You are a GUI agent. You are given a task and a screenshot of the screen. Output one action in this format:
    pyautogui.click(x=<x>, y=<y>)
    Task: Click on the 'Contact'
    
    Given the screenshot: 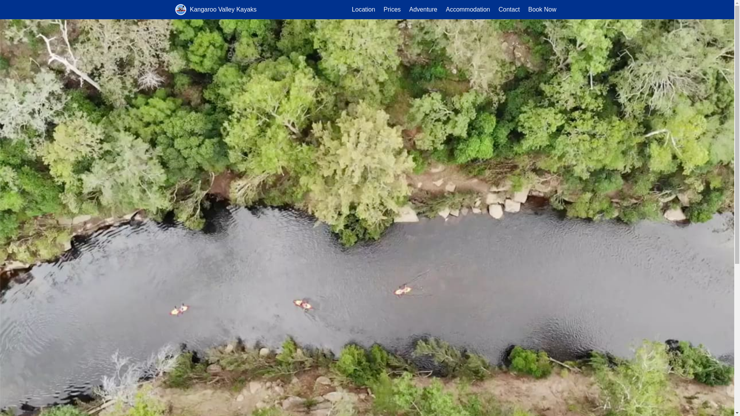 What is the action you would take?
    pyautogui.click(x=509, y=9)
    